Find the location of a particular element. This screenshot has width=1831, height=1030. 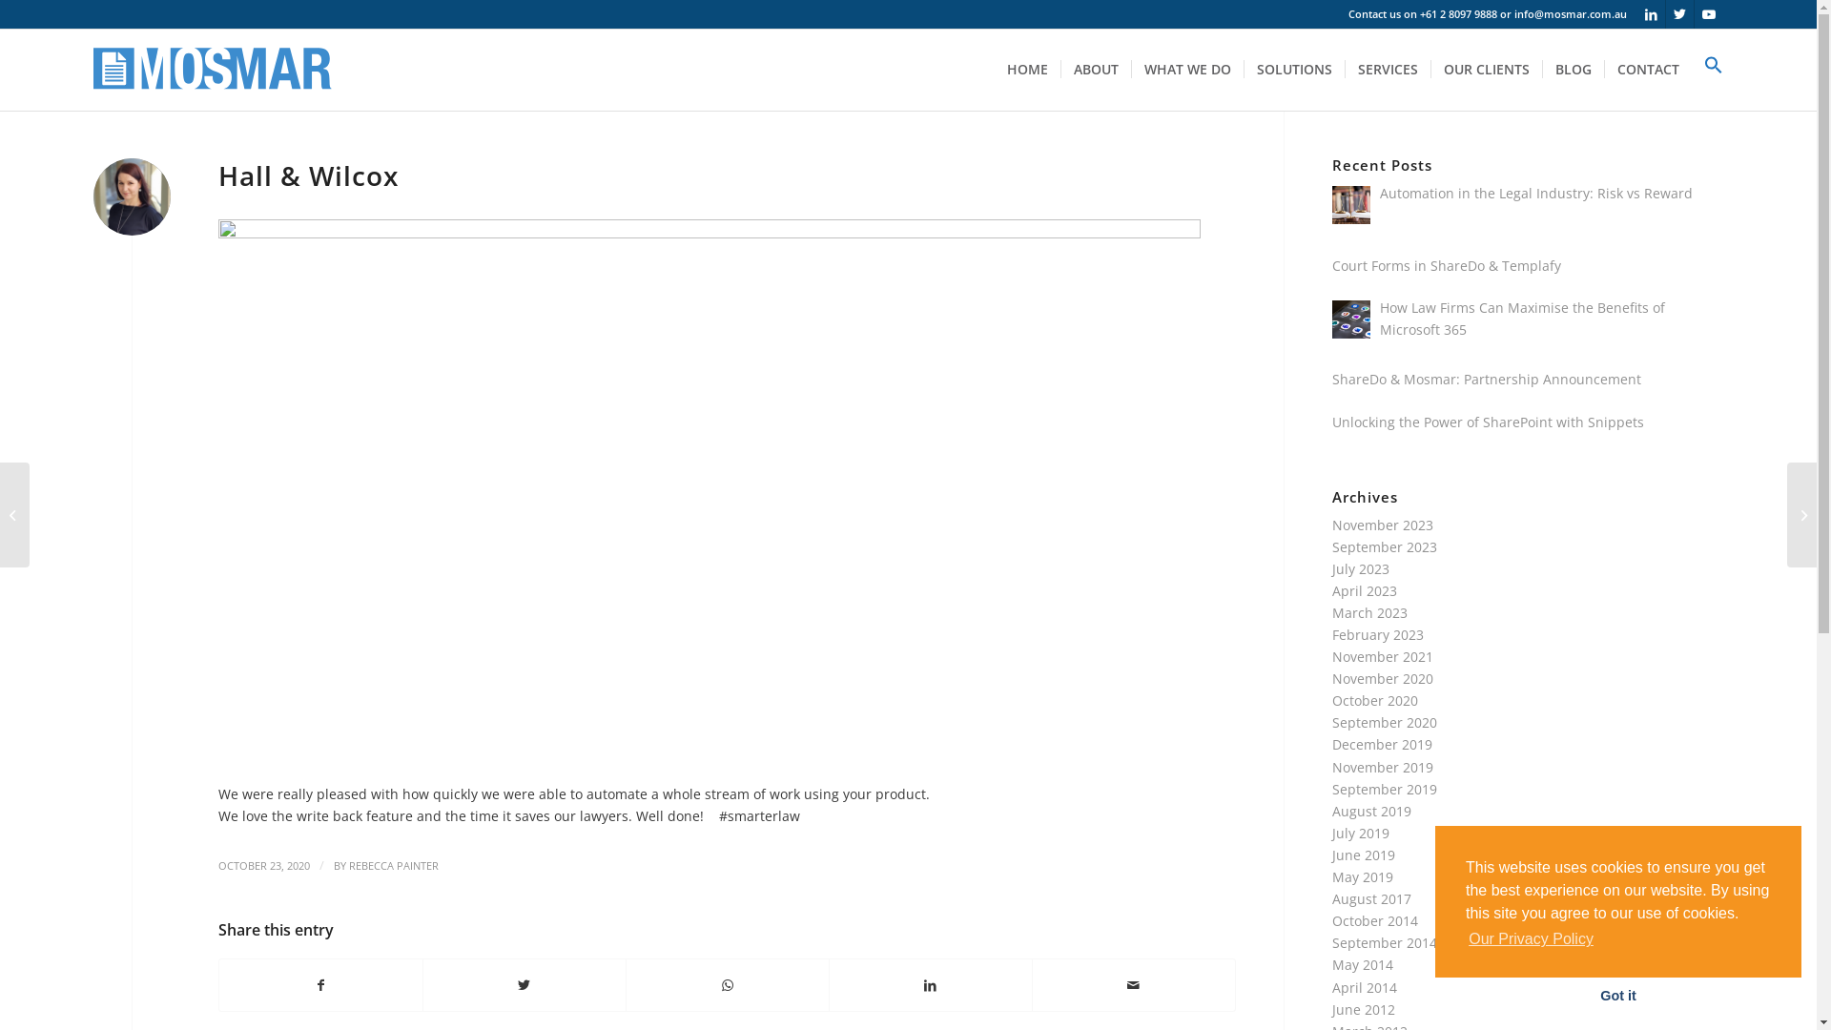

'February 2023' is located at coordinates (1377, 634).